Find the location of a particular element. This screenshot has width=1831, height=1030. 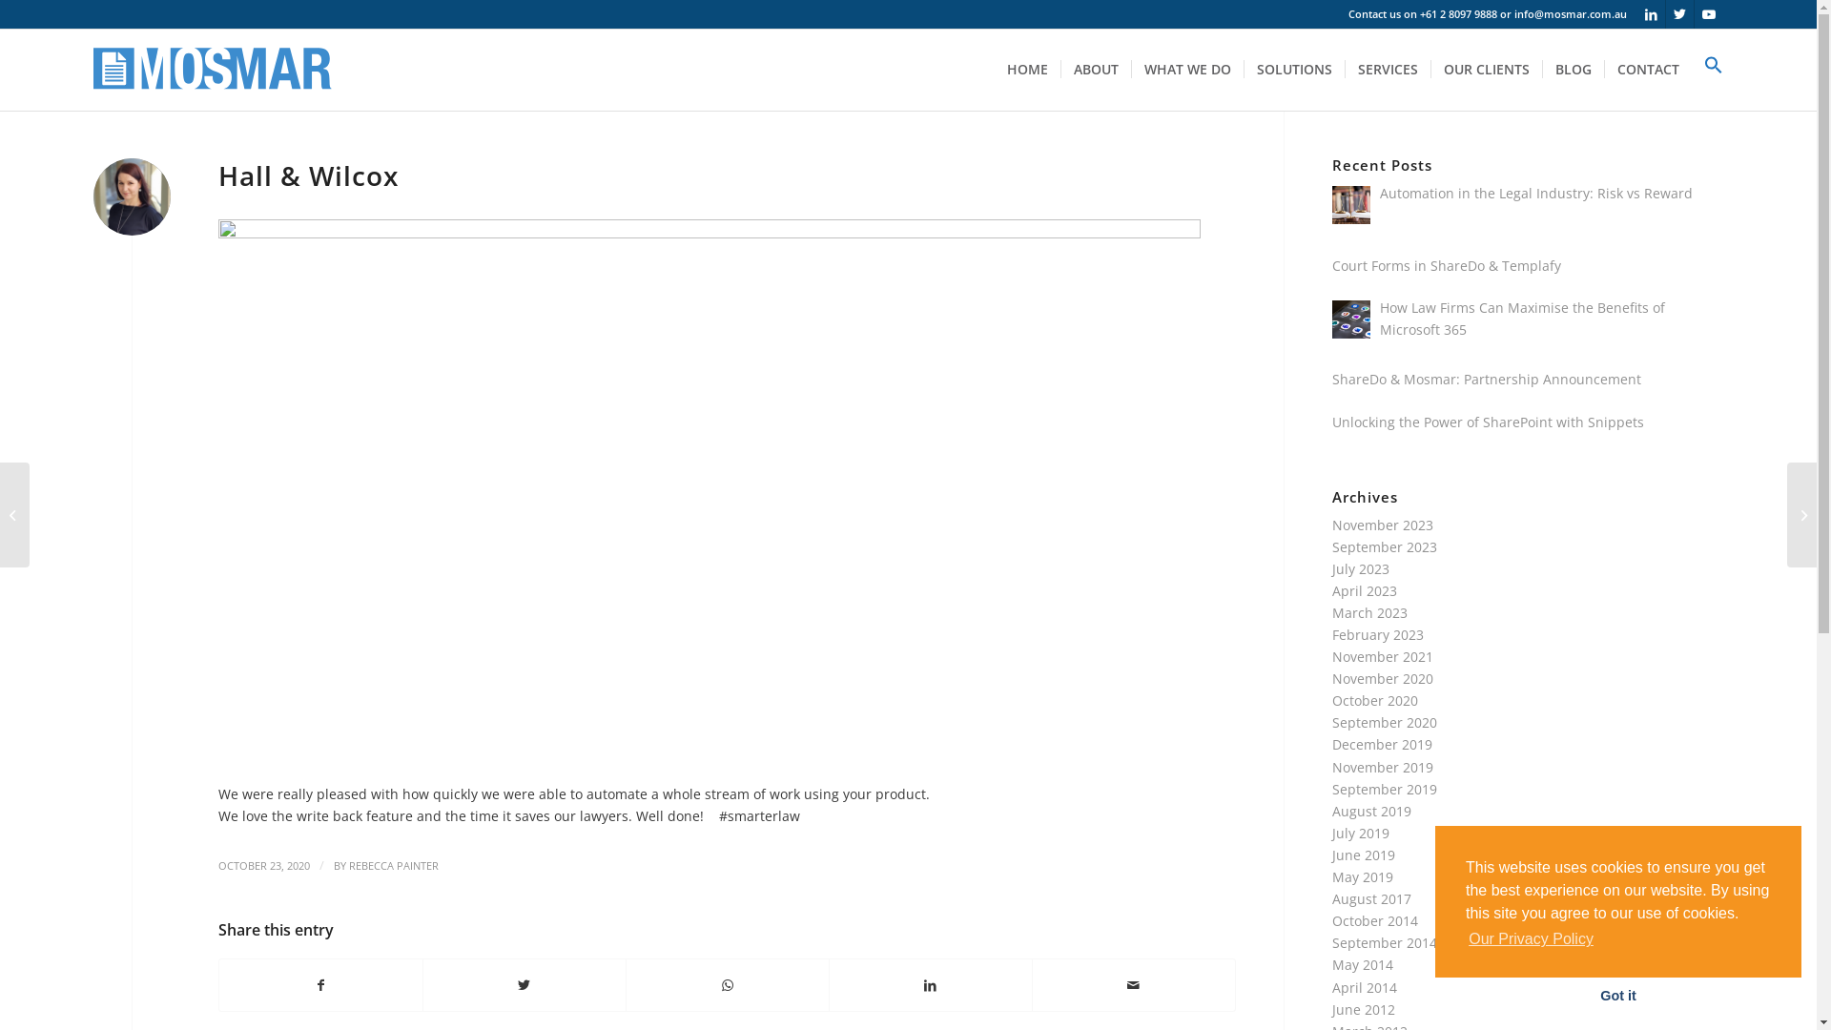

'February 2023' is located at coordinates (1377, 634).